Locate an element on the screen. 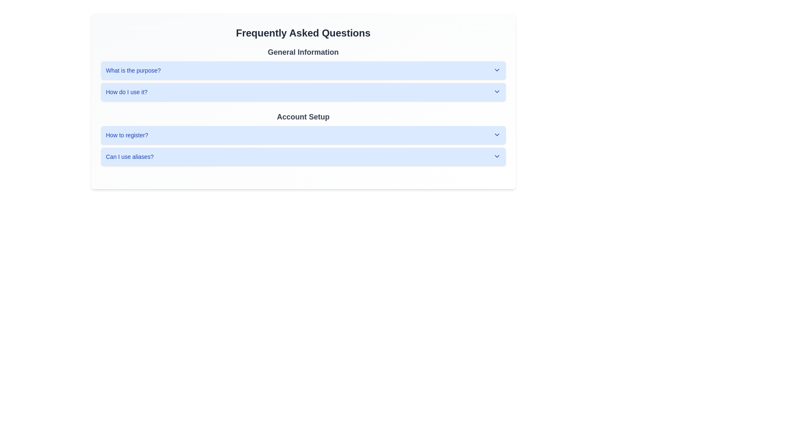 The image size is (796, 448). the text block that reads 'How do I use it?' within the FAQ section under 'General Information' is located at coordinates (126, 92).